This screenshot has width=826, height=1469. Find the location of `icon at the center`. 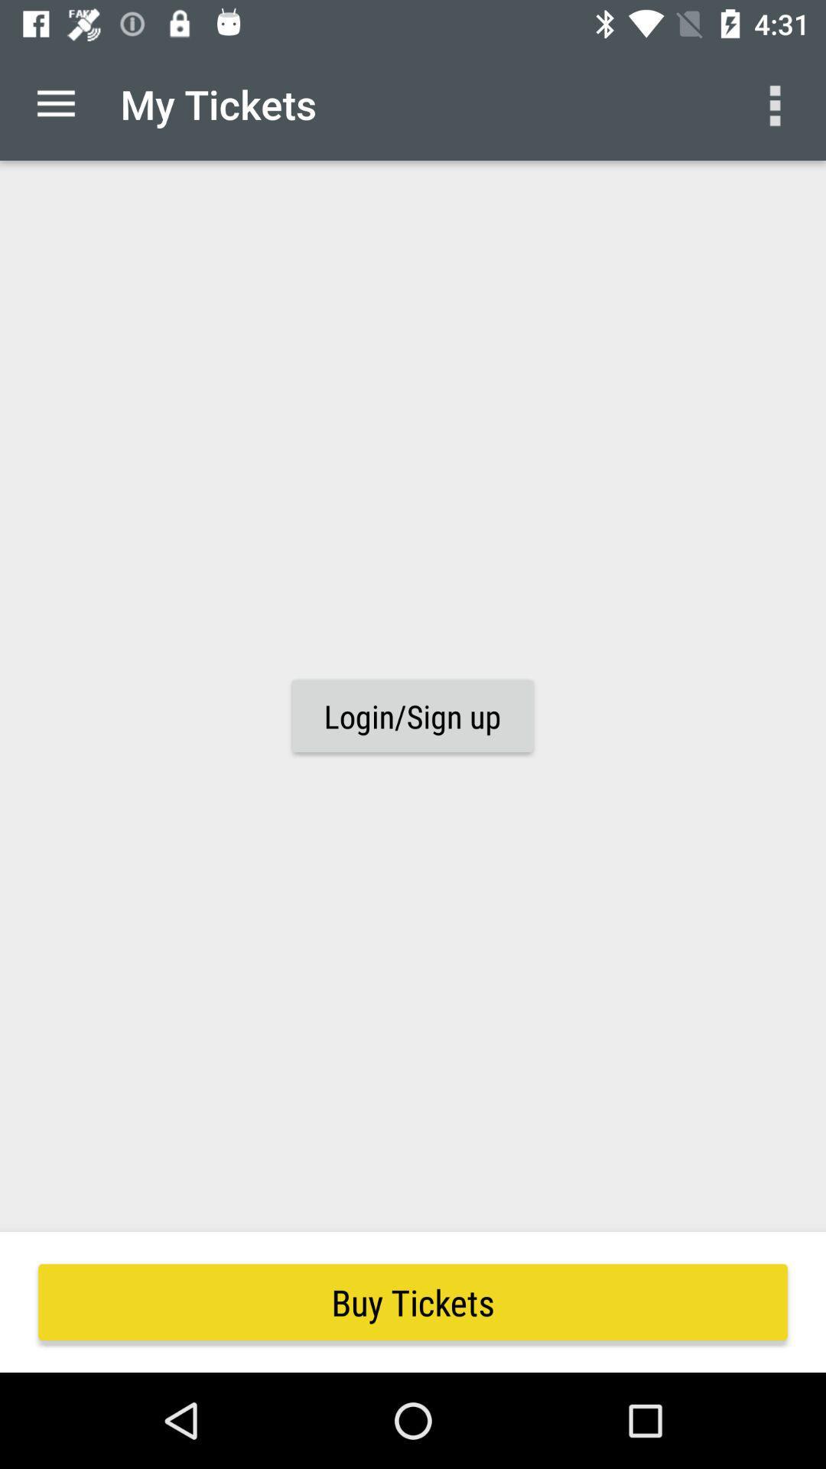

icon at the center is located at coordinates (411, 715).